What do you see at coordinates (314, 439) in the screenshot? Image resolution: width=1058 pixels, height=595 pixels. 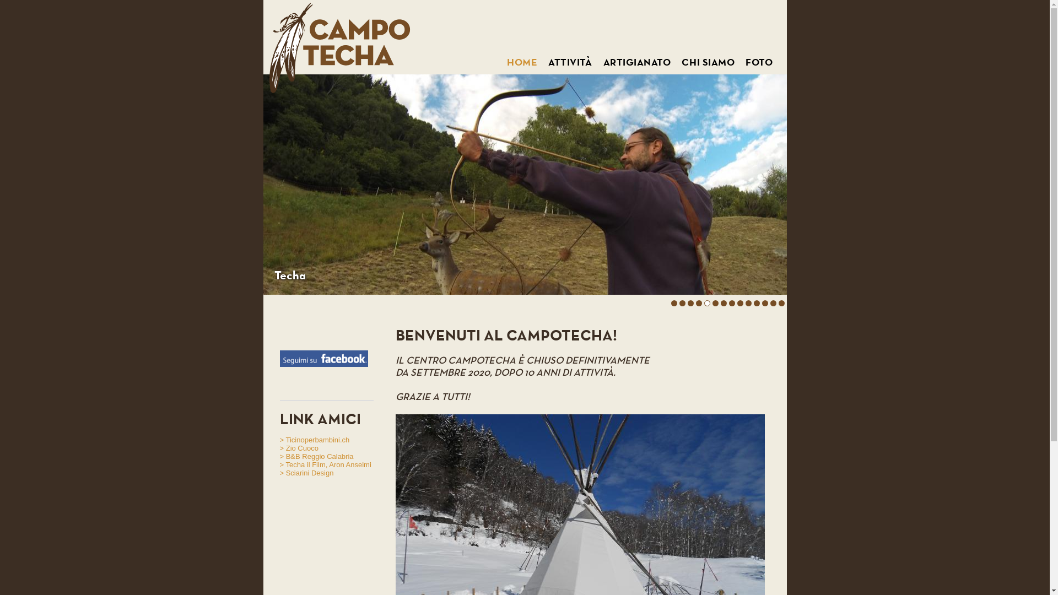 I see `'> Ticinoperbambini.ch'` at bounding box center [314, 439].